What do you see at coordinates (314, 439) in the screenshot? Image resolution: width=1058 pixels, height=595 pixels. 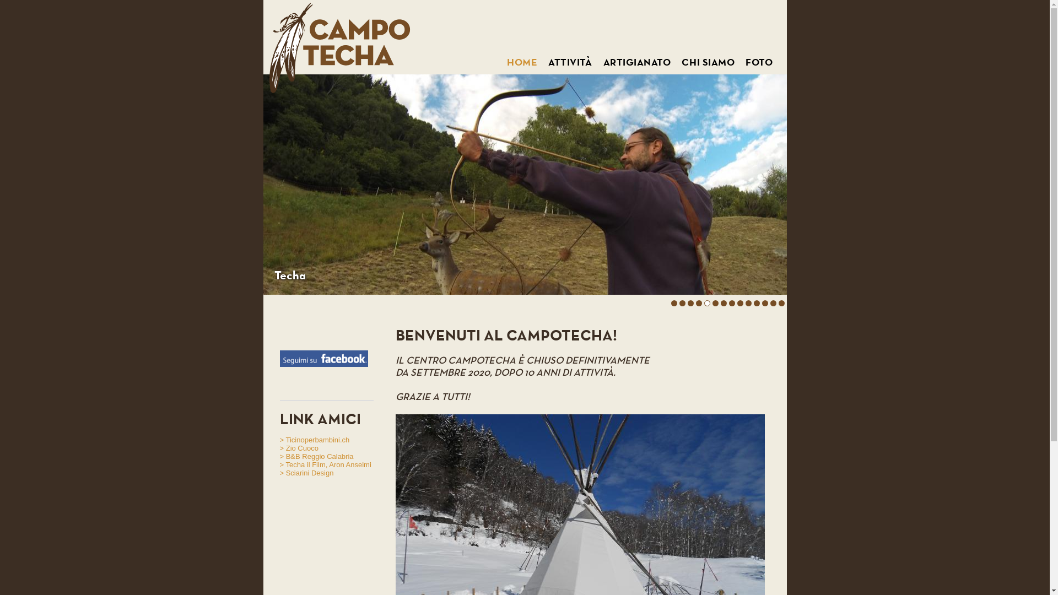 I see `'> Ticinoperbambini.ch'` at bounding box center [314, 439].